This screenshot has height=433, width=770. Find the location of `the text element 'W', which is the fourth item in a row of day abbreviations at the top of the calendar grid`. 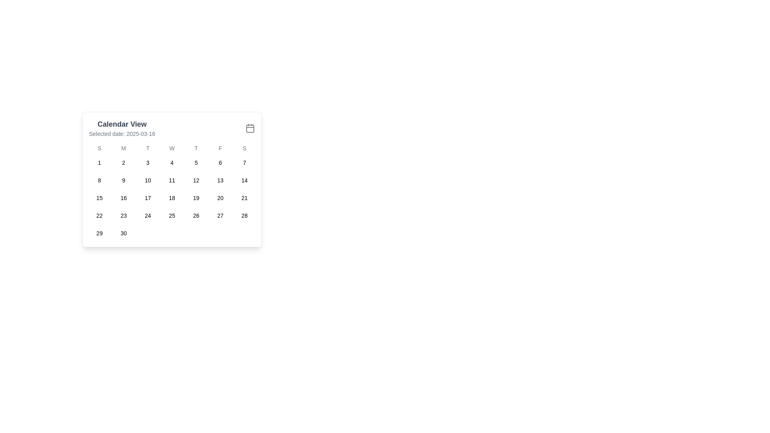

the text element 'W', which is the fourth item in a row of day abbreviations at the top of the calendar grid is located at coordinates (171, 148).